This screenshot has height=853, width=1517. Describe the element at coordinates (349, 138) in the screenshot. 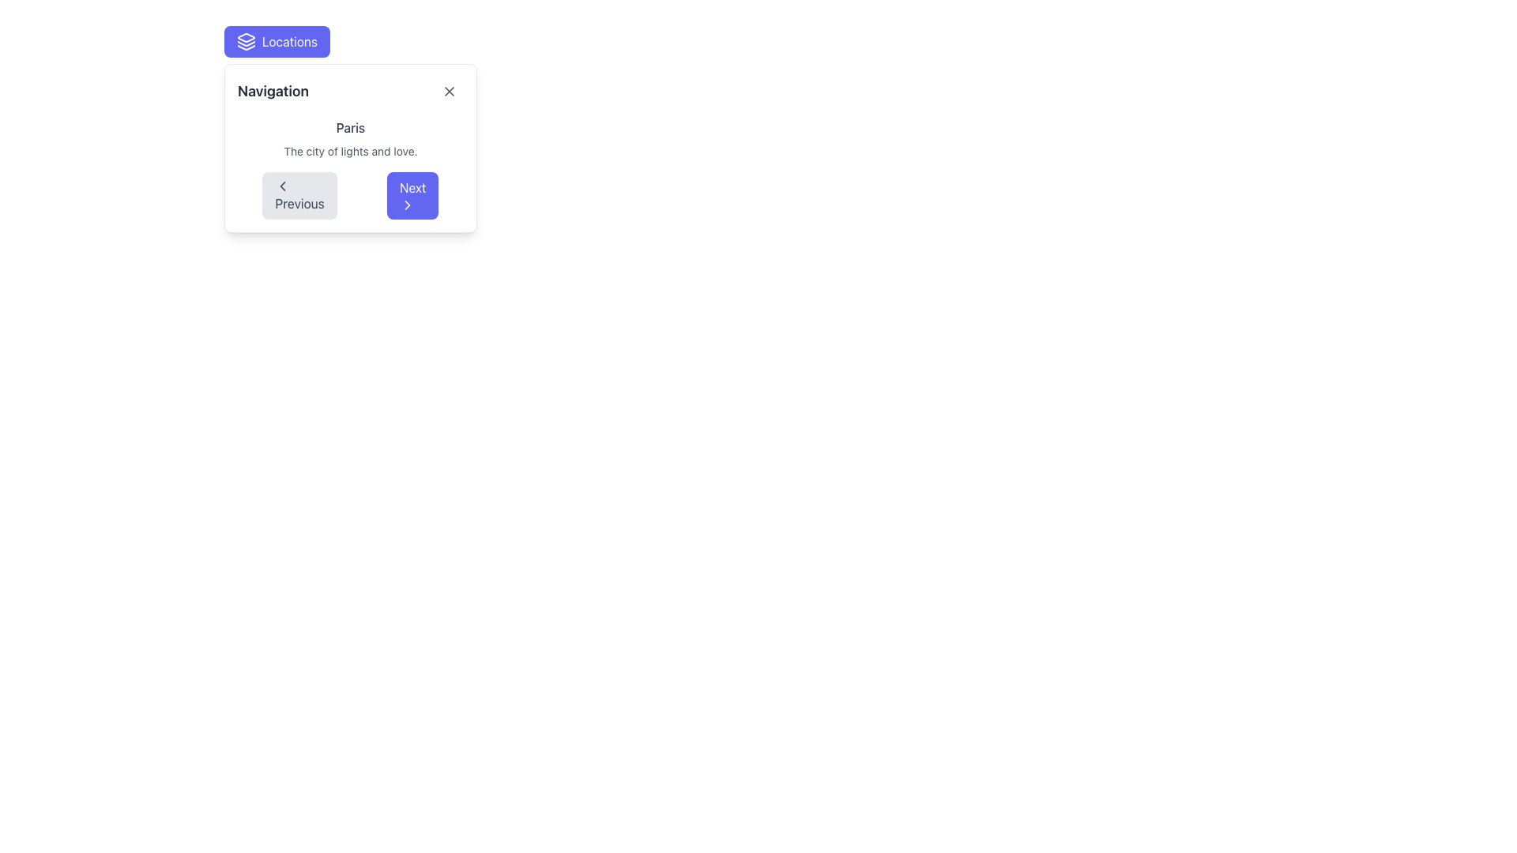

I see `the text element titled 'Paris' within the 'Navigation' modal, which contains the subtitle 'The city of lights and love.'` at that location.